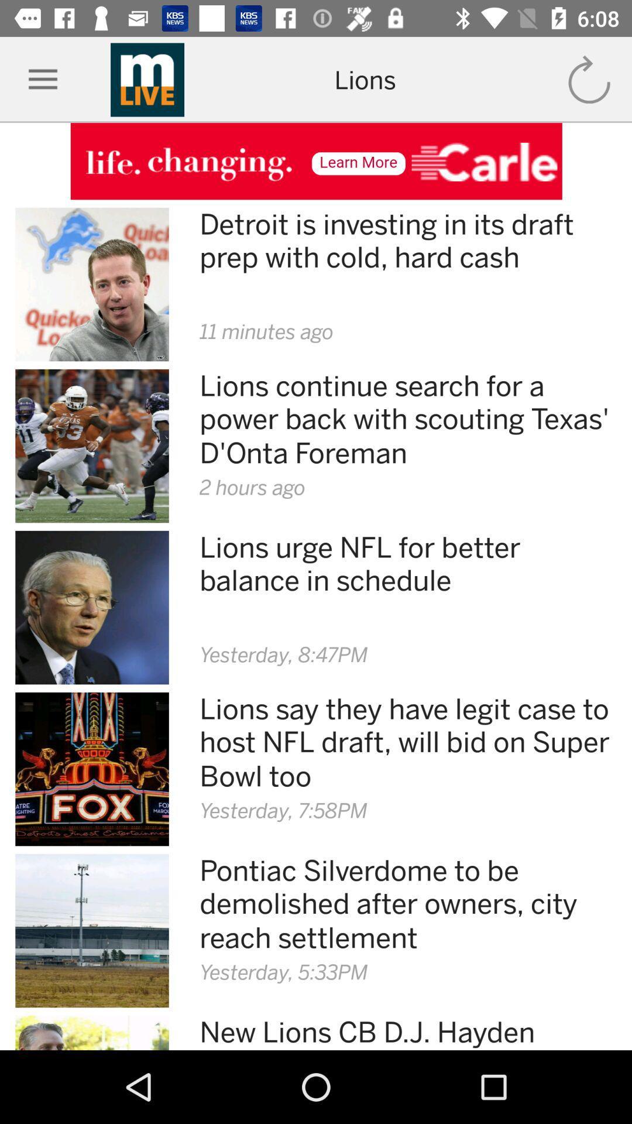 Image resolution: width=632 pixels, height=1124 pixels. I want to click on open this banner link, so click(316, 160).